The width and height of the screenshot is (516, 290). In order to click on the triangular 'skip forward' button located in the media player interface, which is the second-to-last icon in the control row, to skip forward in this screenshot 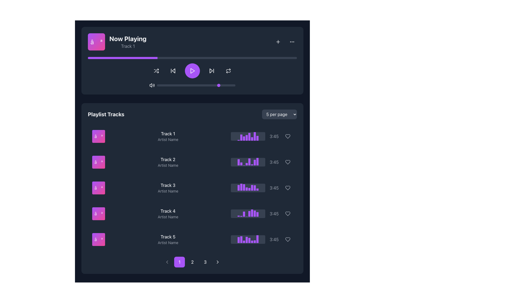, I will do `click(211, 70)`.